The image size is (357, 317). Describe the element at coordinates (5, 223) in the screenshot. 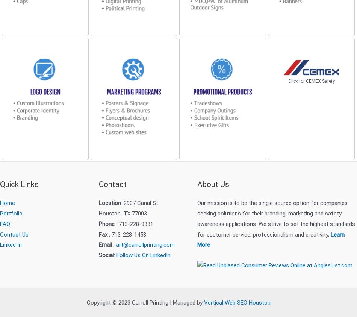

I see `'FAQ'` at that location.